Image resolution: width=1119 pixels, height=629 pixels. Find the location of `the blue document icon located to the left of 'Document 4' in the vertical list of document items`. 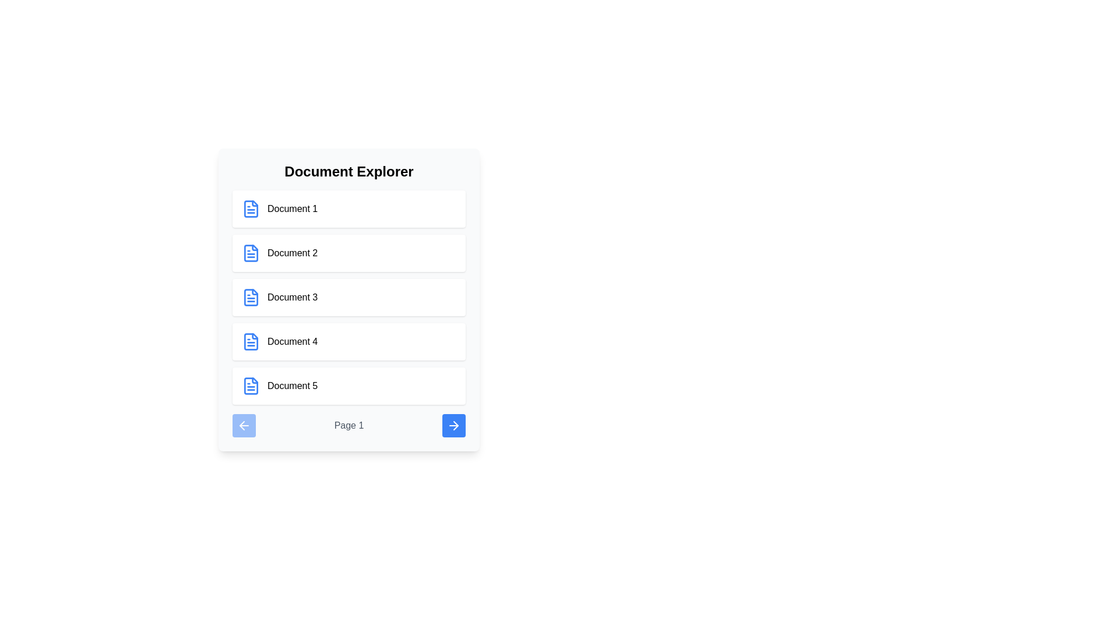

the blue document icon located to the left of 'Document 4' in the vertical list of document items is located at coordinates (251, 341).